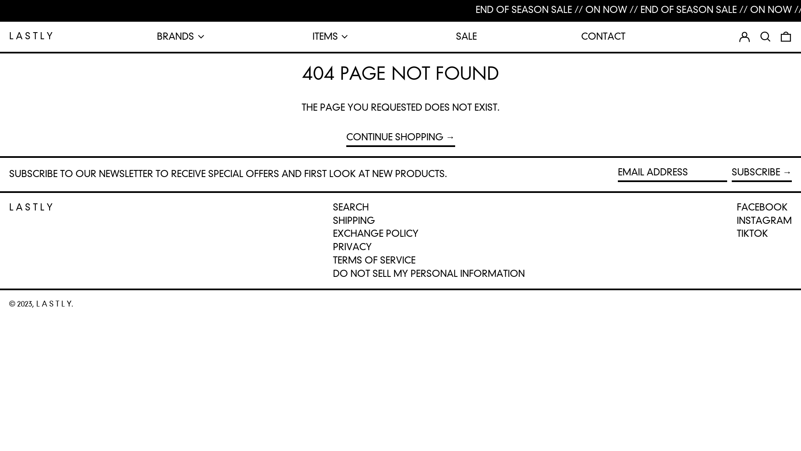  I want to click on 'TIKTOK', so click(752, 233).